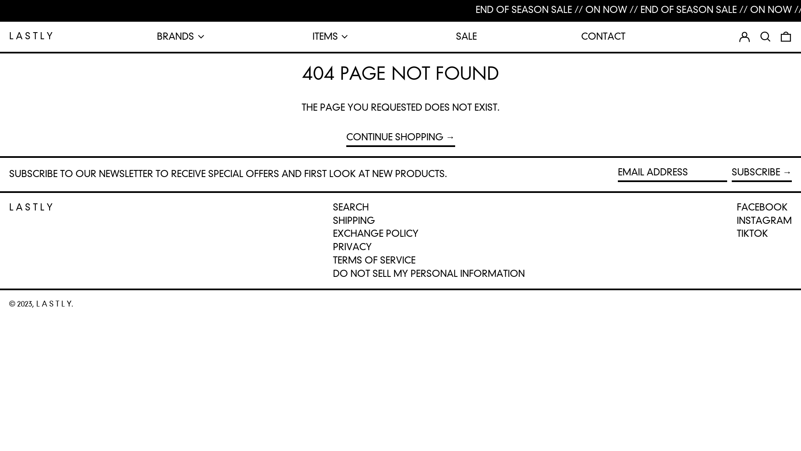  I want to click on 'TIKTOK', so click(752, 233).